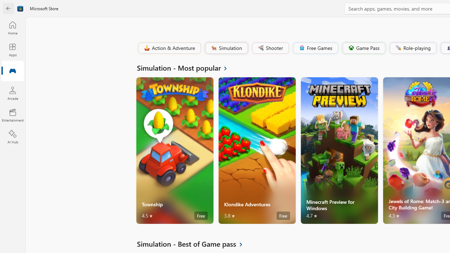 This screenshot has width=450, height=253. Describe the element at coordinates (363, 47) in the screenshot. I see `'Game Pass'` at that location.